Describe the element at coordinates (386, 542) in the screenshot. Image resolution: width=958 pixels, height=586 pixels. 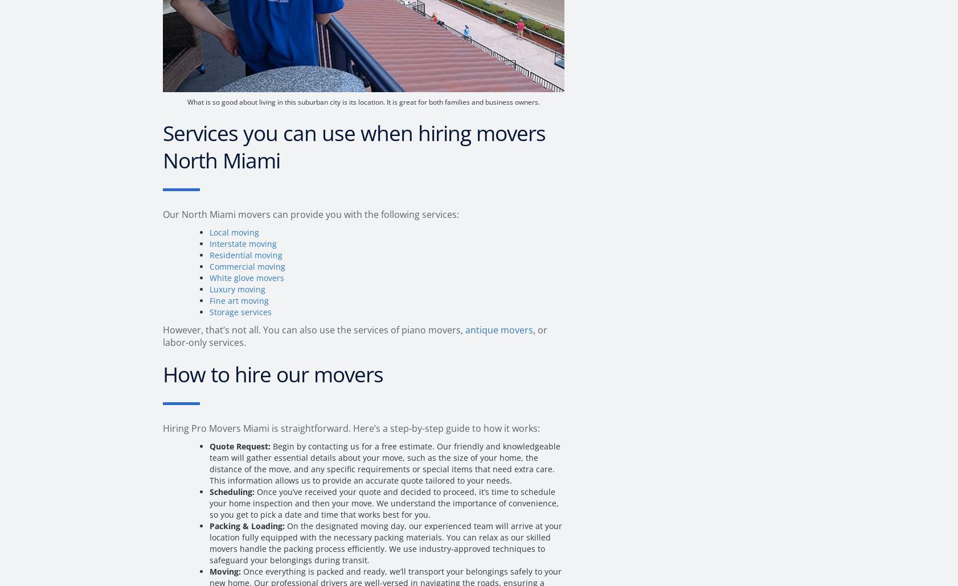
I see `'On the designated moving day, our experienced team will arrive at your location fully equipped with the necessary packing materials. You can relax as our skilled movers handle the packing process efficiently. We use industry-approved techniques to safeguard your belongings during transit.'` at that location.